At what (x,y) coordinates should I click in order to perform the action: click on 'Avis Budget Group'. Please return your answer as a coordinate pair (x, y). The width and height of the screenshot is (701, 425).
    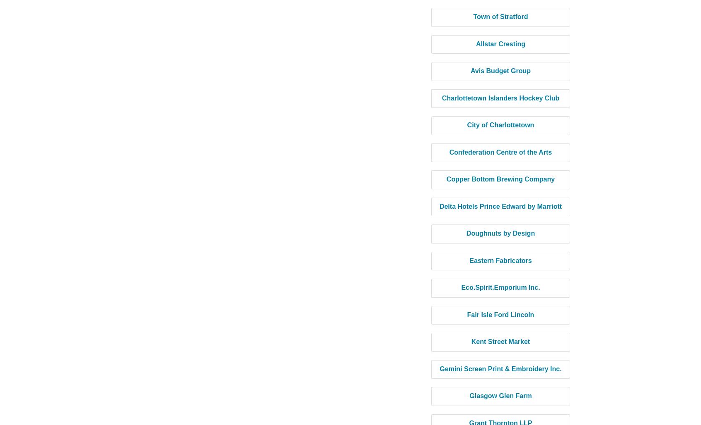
    Looking at the image, I should click on (500, 71).